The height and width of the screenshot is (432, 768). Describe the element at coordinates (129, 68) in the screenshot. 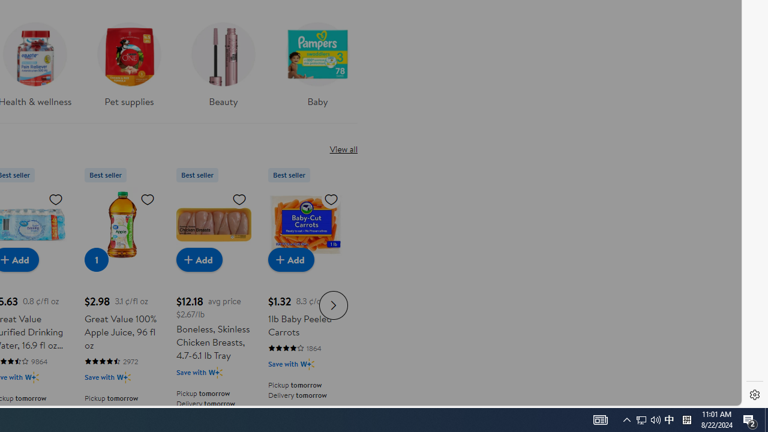

I see `'Pet supplies'` at that location.